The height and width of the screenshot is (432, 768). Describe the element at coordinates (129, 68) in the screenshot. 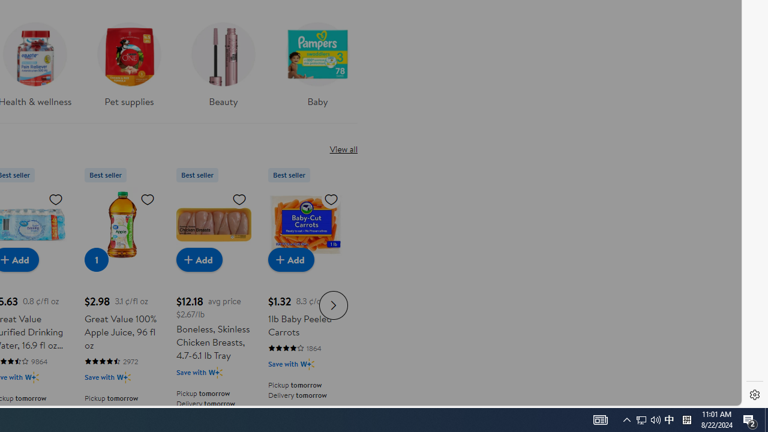

I see `'Pet supplies'` at that location.